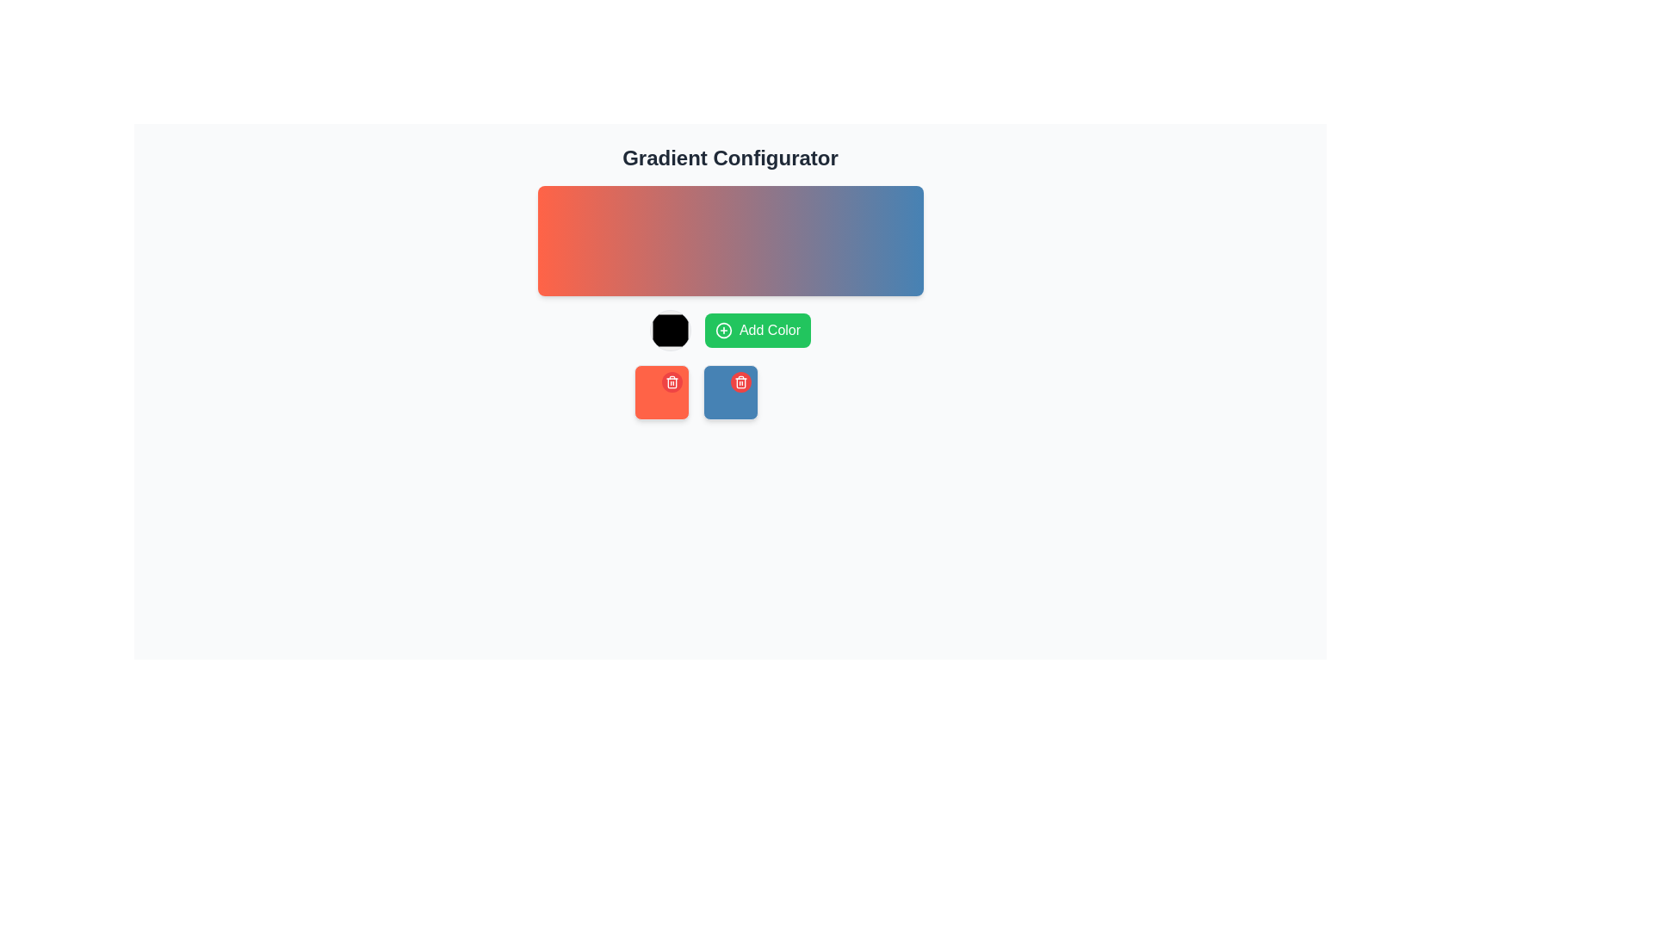 The height and width of the screenshot is (930, 1653). Describe the element at coordinates (740, 381) in the screenshot. I see `the circular red button with a trash can icon located at the top-right corner of the blue card` at that location.